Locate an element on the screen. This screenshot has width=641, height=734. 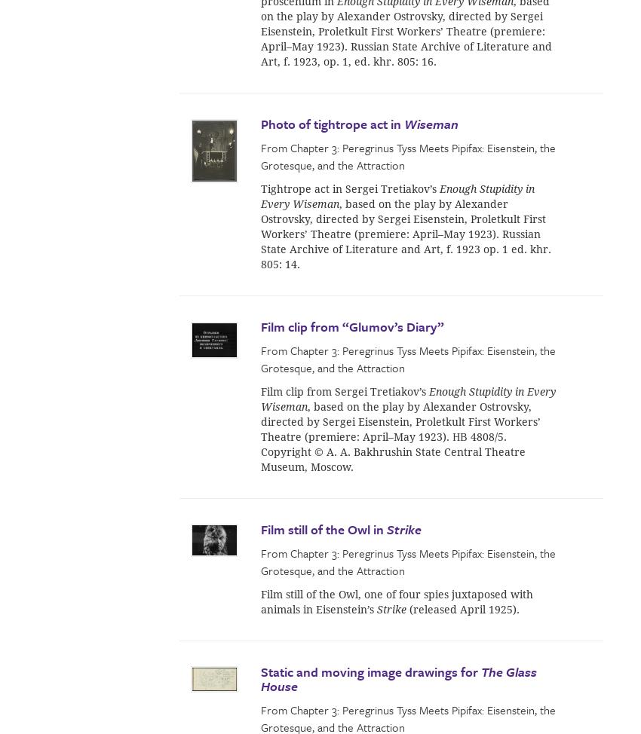
'Film still of the Owl, one of four spies juxtaposed with animals in Eisenstein’s' is located at coordinates (396, 600).